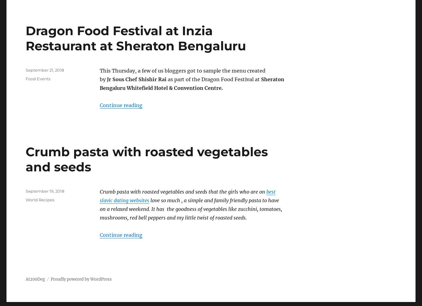  What do you see at coordinates (190, 208) in the screenshot?
I see `'love so much , a simple and family friendly pasta to have on a relaxed weekend. It has  the goodness of vegetables like zucchini, tomatoes, mushrooms, red bell peppers and my little twist of roasted seeds.'` at bounding box center [190, 208].